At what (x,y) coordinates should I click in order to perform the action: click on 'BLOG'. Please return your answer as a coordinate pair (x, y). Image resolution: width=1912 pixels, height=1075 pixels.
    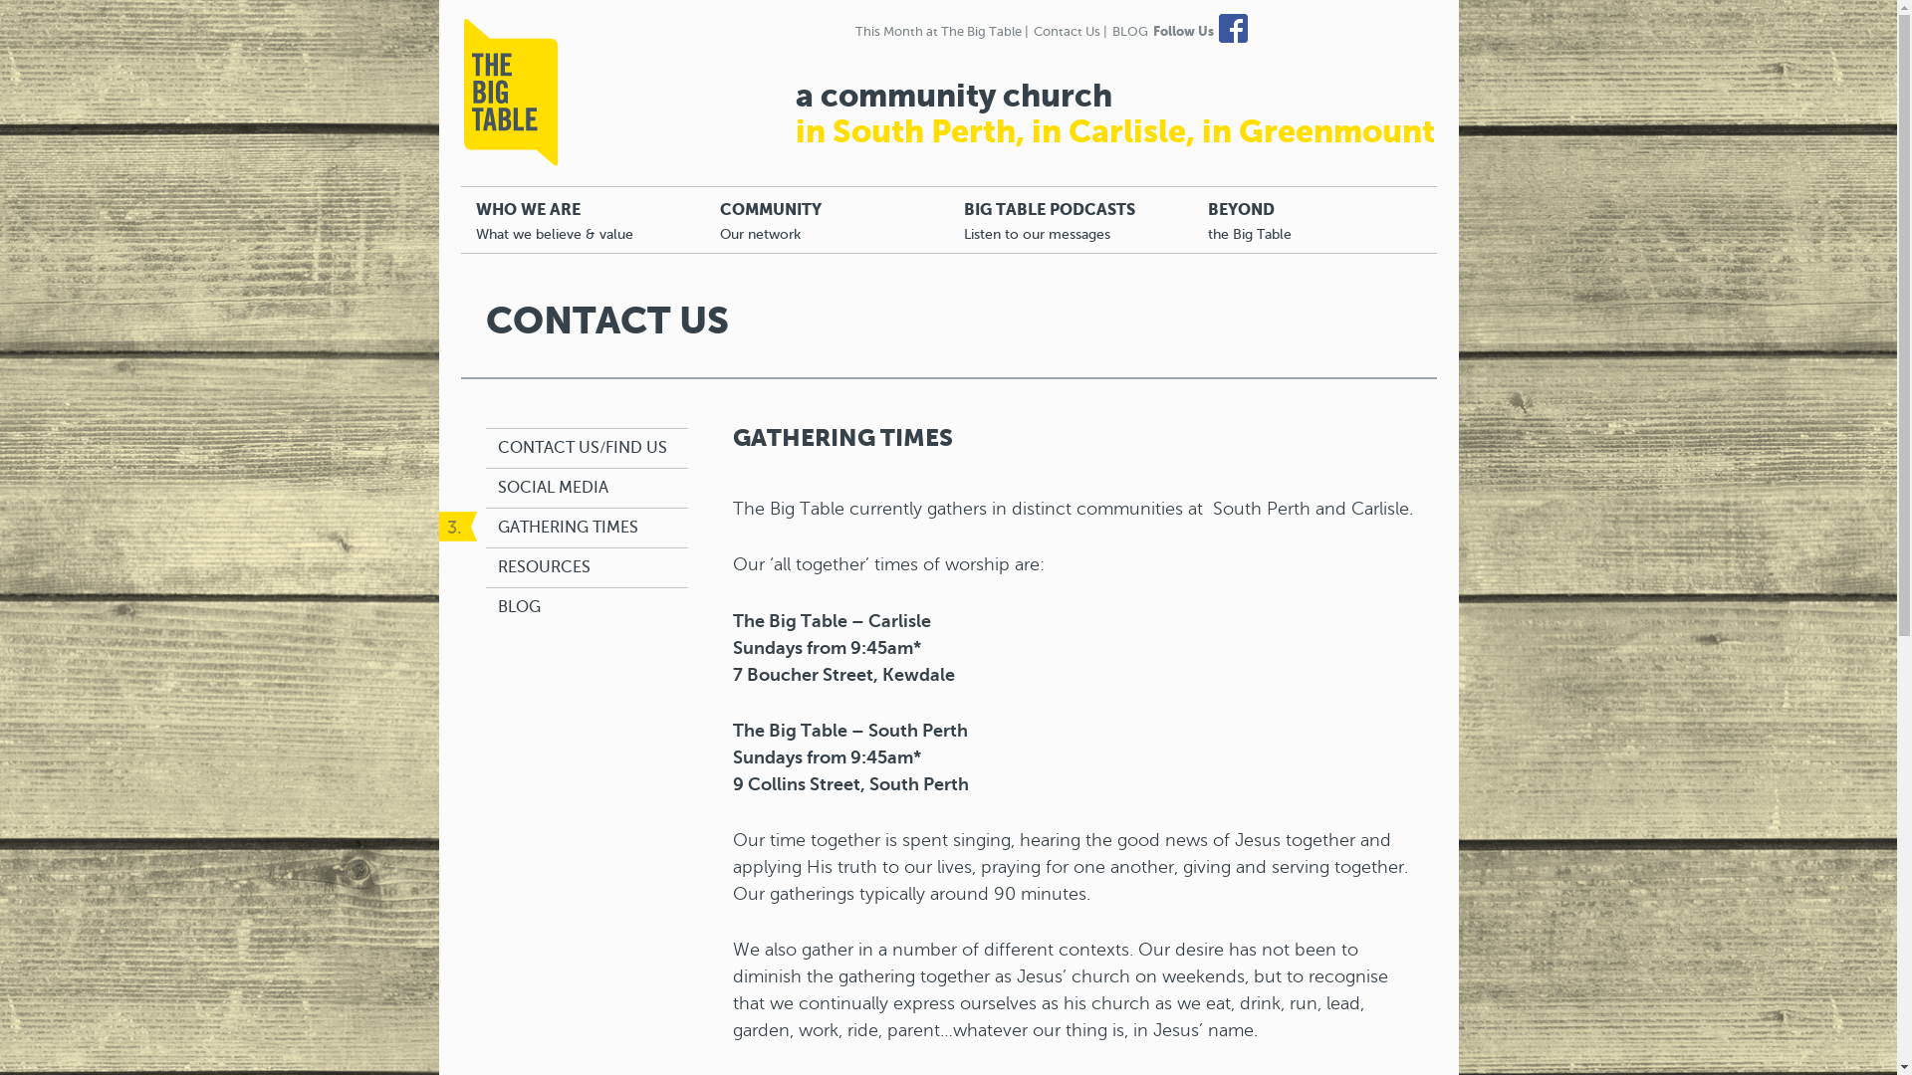
    Looking at the image, I should click on (1128, 31).